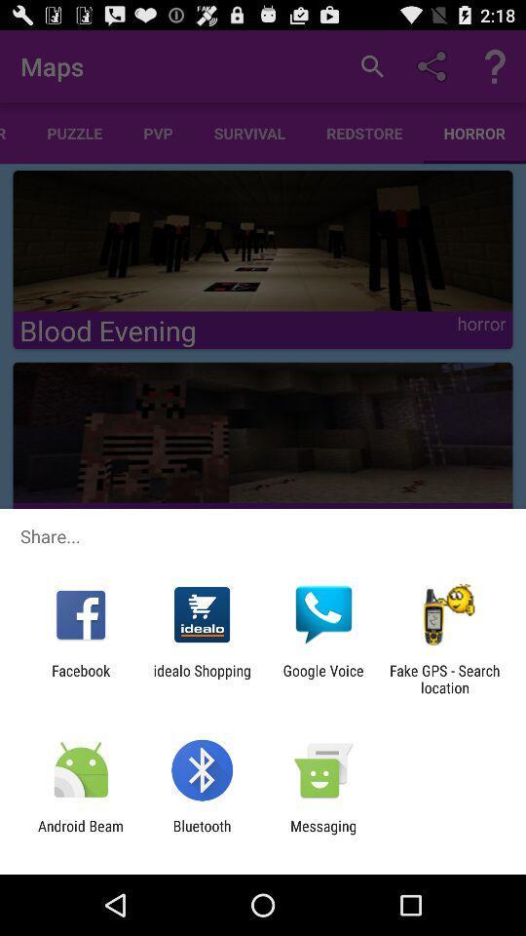  I want to click on the item to the left of bluetooth, so click(80, 834).